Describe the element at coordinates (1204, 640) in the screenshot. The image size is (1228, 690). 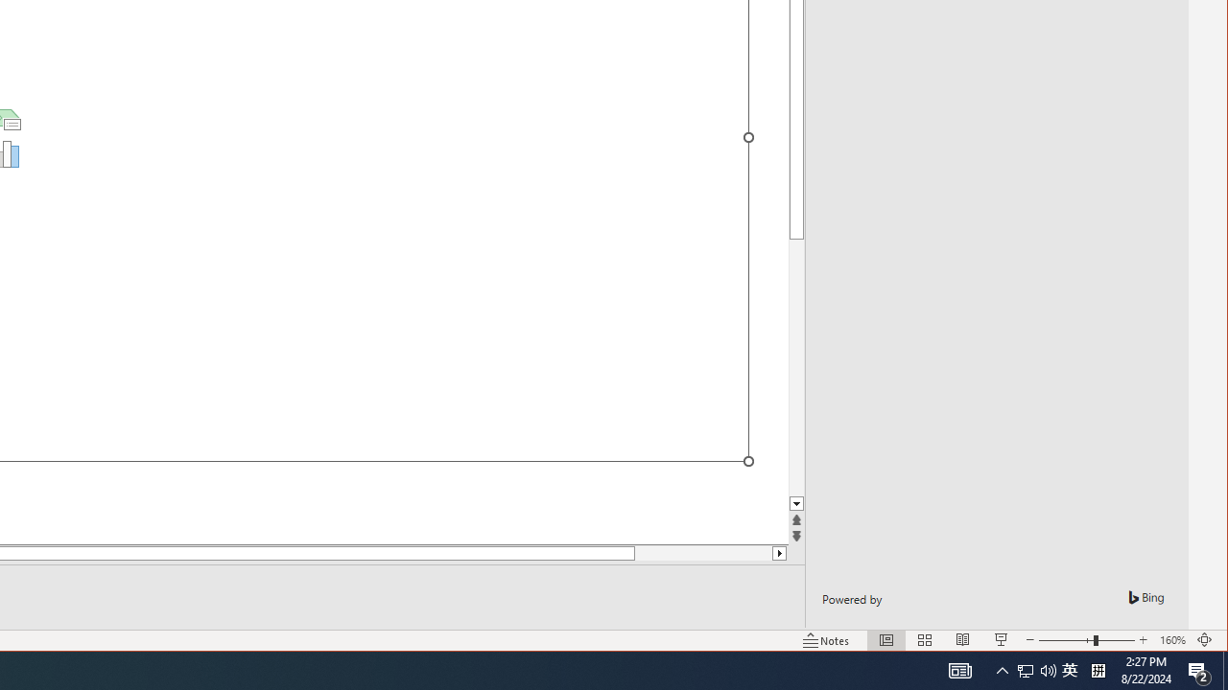
I see `'Action Center, 2 new notifications'` at that location.